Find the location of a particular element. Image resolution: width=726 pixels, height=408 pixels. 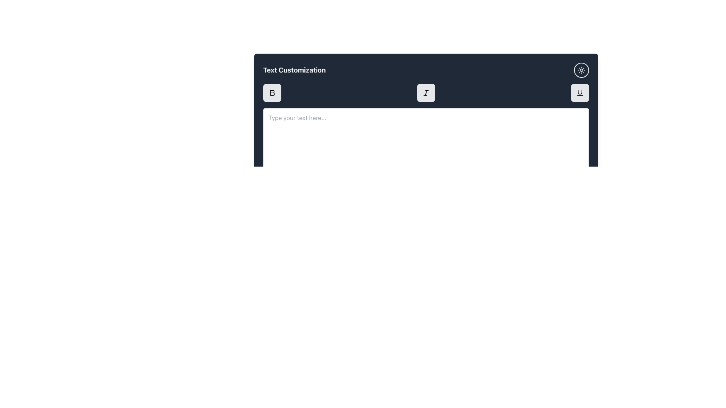

the sun icon located in the upper right corner of the UI panel is located at coordinates (581, 70).